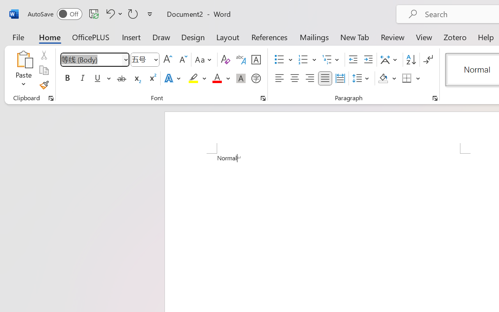  What do you see at coordinates (331, 60) in the screenshot?
I see `'Multilevel List'` at bounding box center [331, 60].